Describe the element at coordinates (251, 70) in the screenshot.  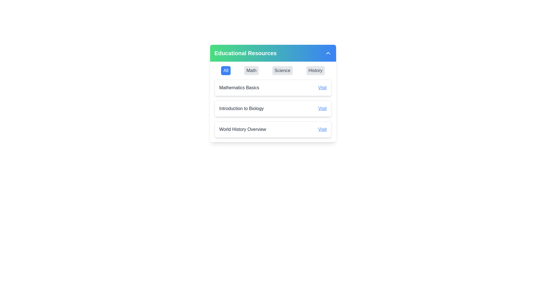
I see `the second tab under 'Educational Resources'` at that location.